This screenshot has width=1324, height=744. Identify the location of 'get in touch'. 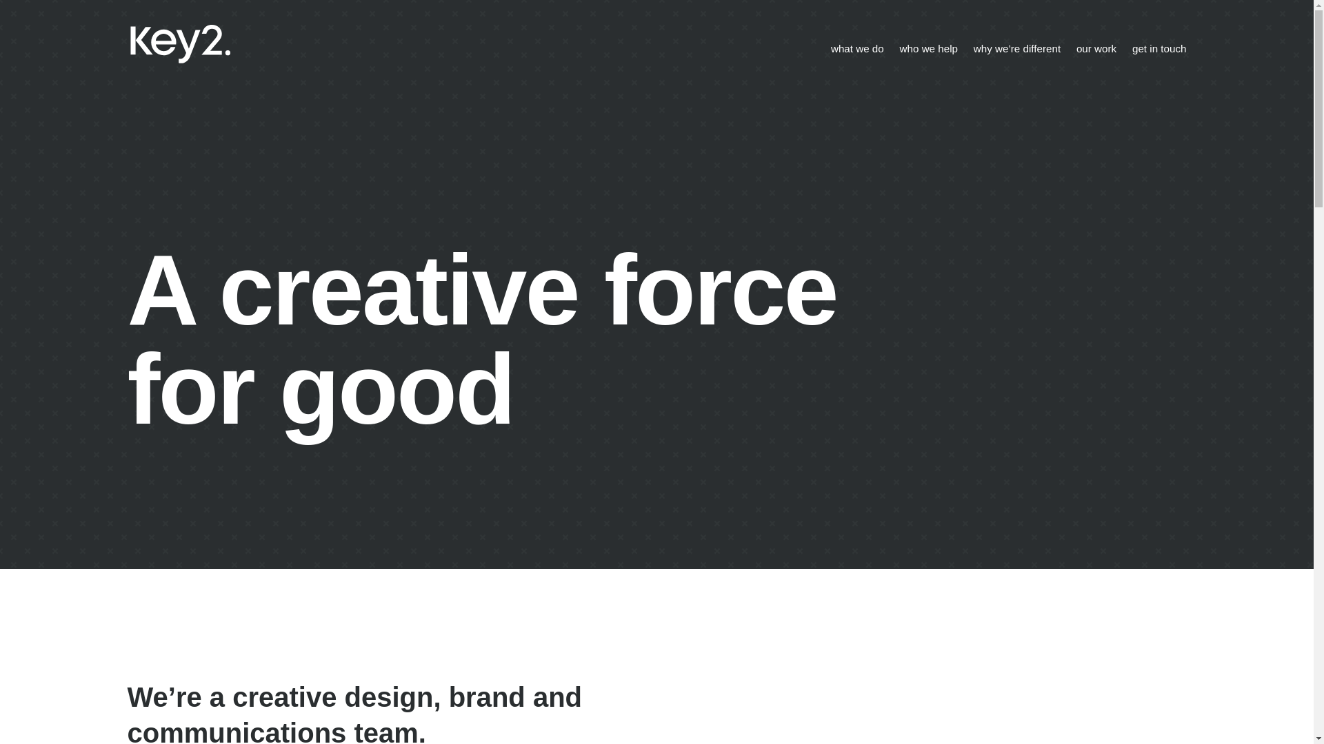
(1151, 50).